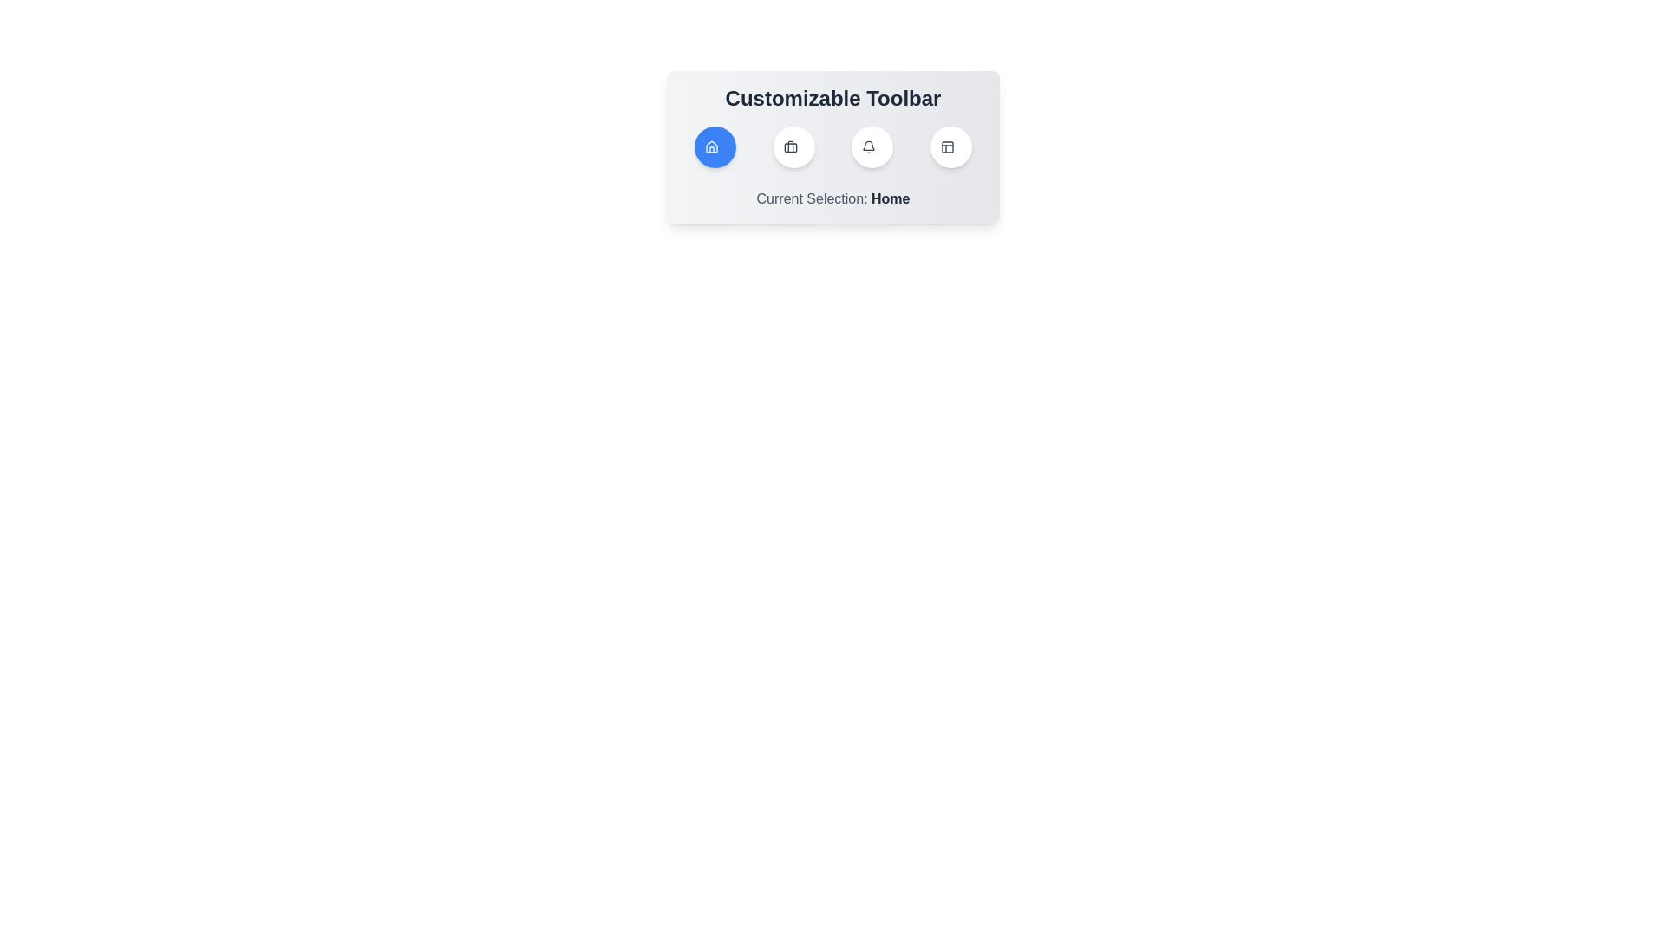 This screenshot has height=936, width=1665. Describe the element at coordinates (789, 146) in the screenshot. I see `the briefcase icon located in the horizontal toolbar` at that location.